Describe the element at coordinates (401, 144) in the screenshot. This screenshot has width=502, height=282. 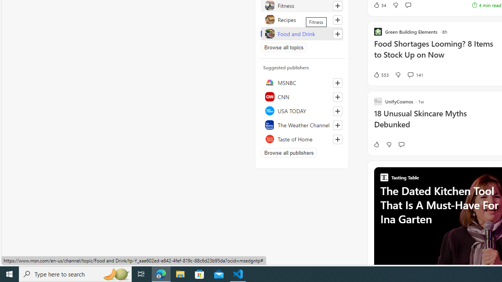
I see `'Start the conversation'` at that location.